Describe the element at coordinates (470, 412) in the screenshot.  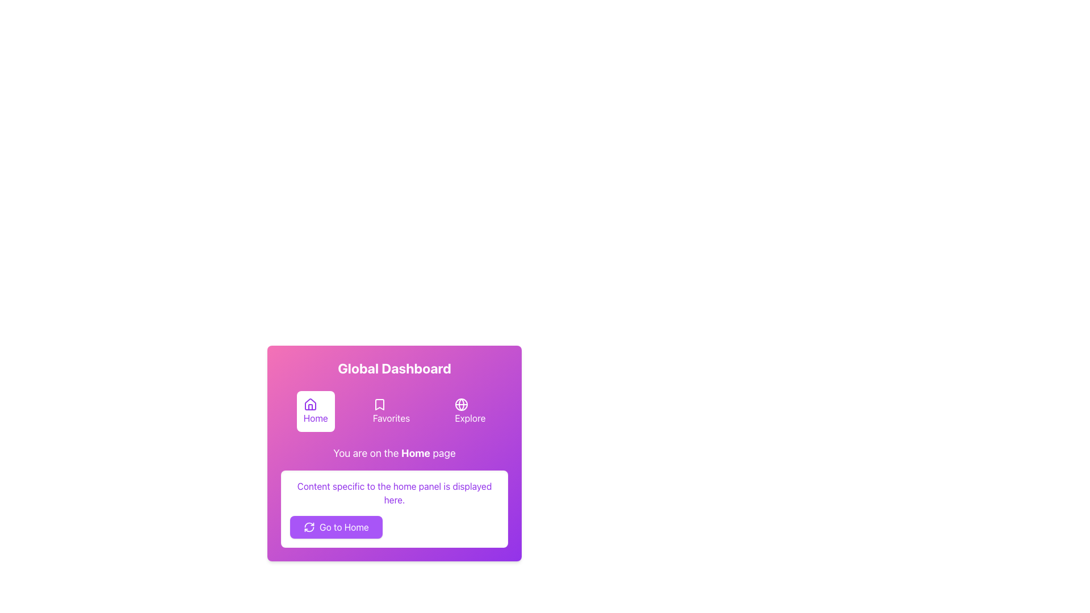
I see `the third button in the horizontal row at the bottom of the interface` at that location.